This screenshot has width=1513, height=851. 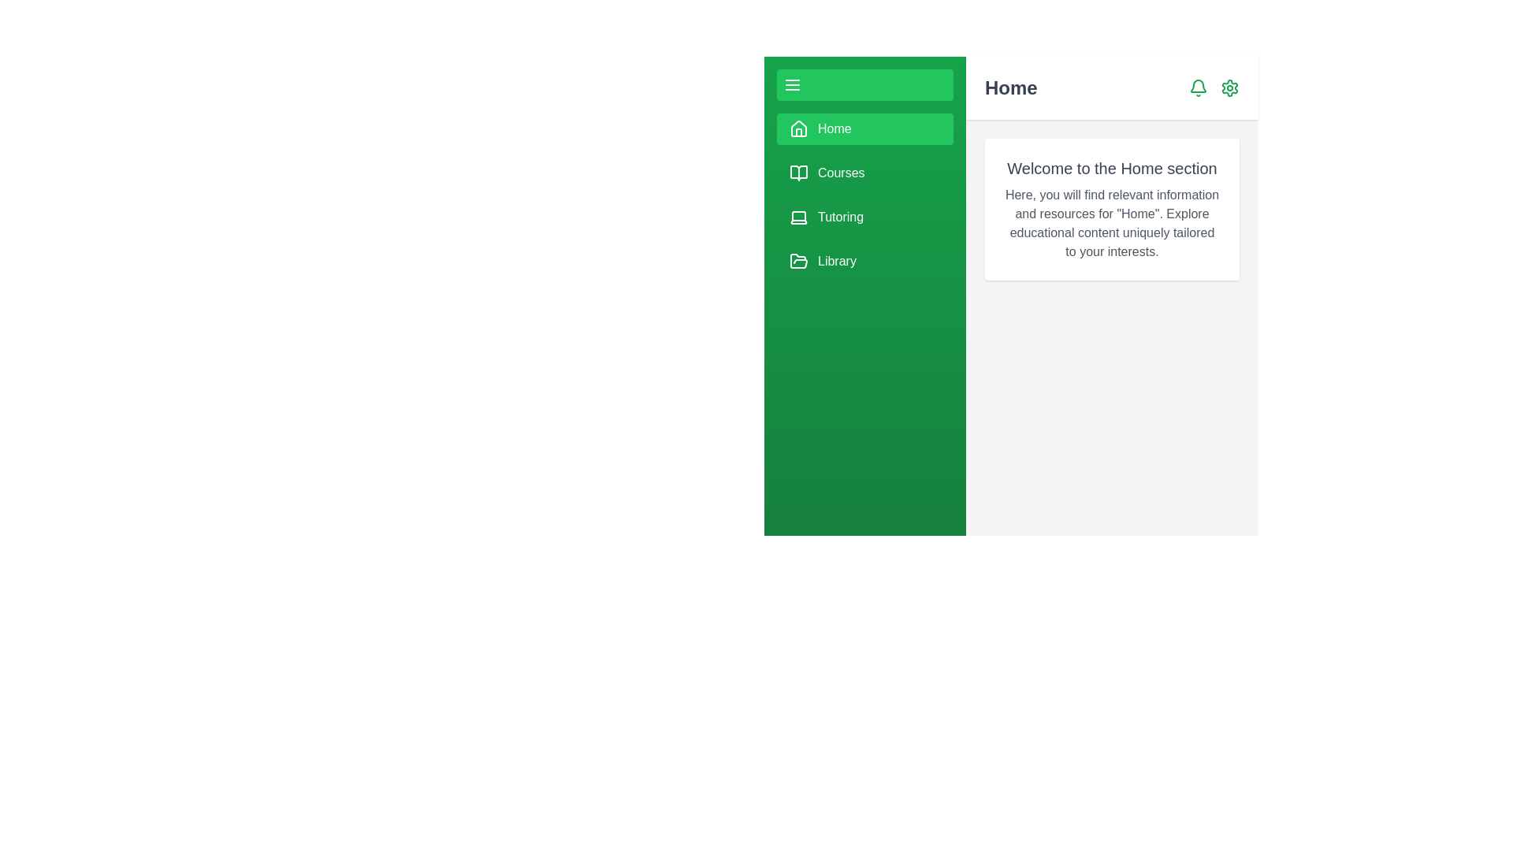 I want to click on the 'Home' icon located in the left-side navigation bar, which is visually represented as the first interactive element in the green-highlighted 'Home' button section, so click(x=798, y=128).